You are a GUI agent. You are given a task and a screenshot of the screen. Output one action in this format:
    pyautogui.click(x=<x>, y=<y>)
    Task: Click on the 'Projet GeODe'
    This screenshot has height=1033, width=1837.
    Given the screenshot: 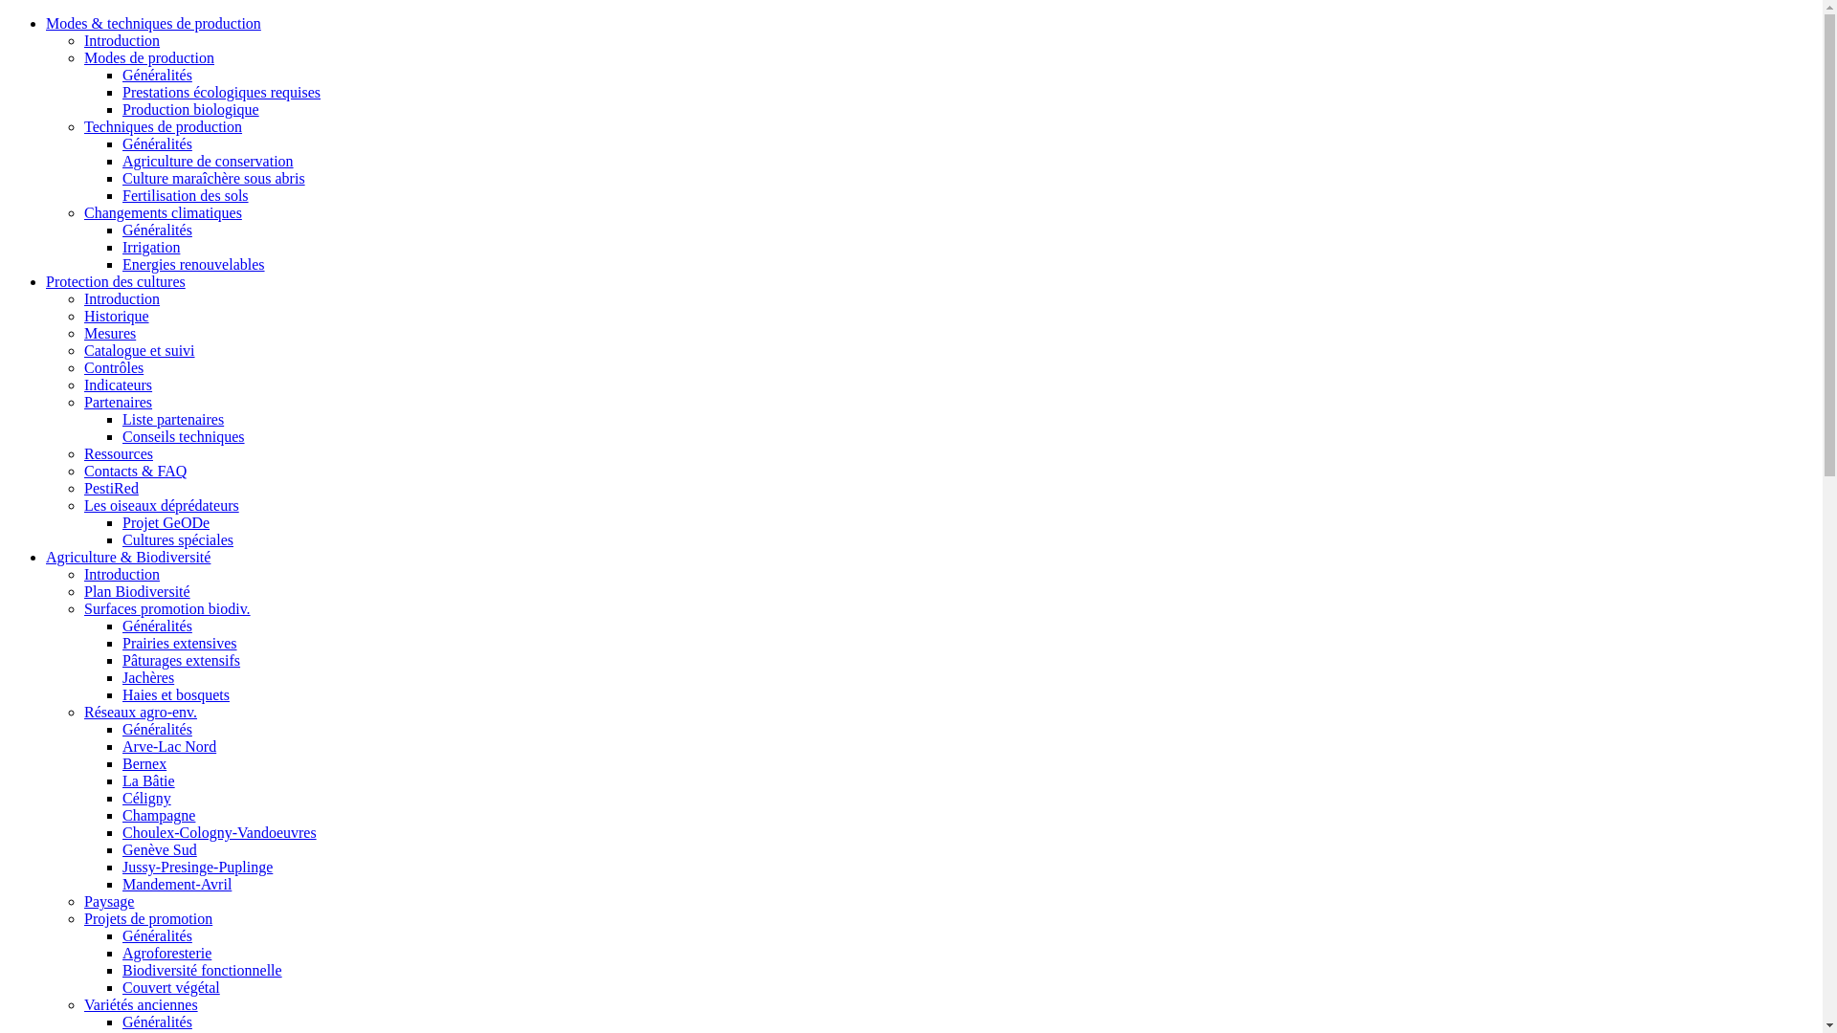 What is the action you would take?
    pyautogui.click(x=166, y=522)
    